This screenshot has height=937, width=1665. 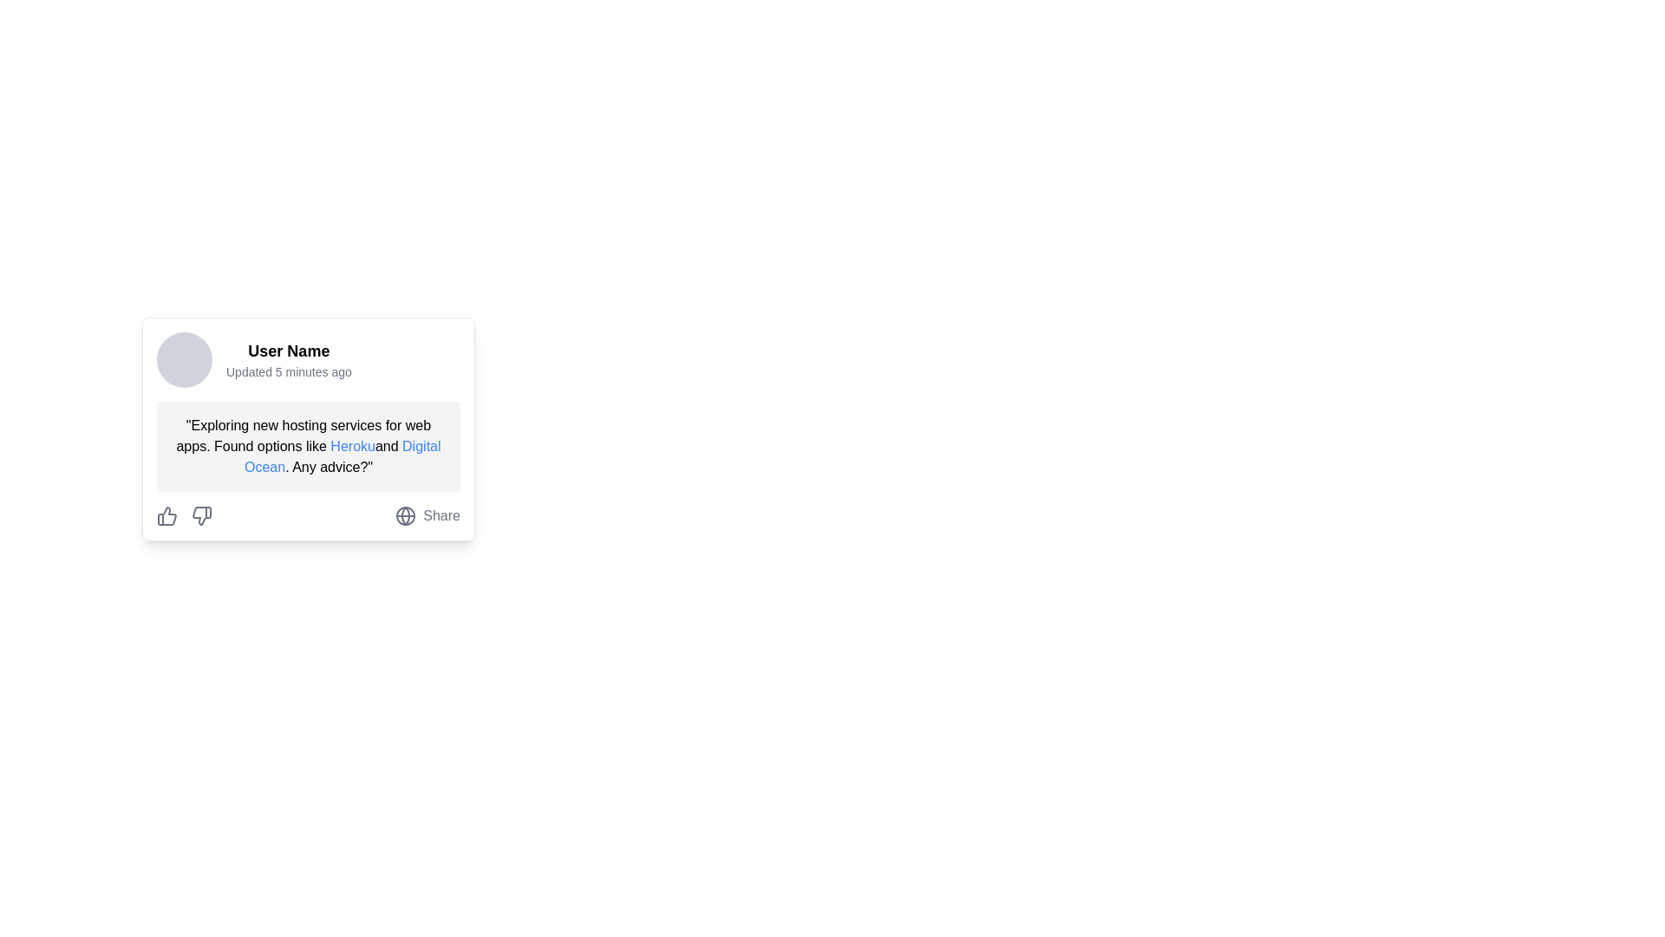 I want to click on the 'like' button, which is the first icon in a horizontal arrangement of related icons, featuring a thumbs-up icon, so click(x=166, y=514).